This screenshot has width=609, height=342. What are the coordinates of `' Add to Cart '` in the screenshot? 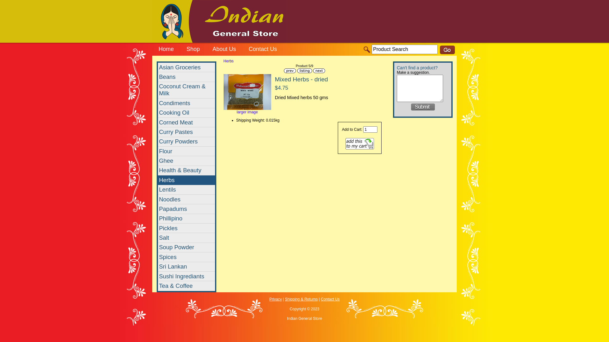 It's located at (359, 144).